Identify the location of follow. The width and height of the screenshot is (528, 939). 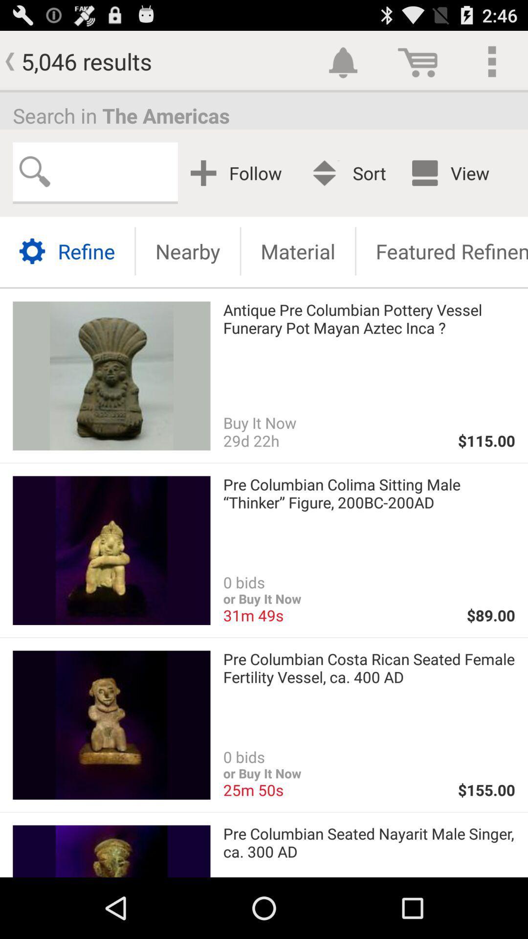
(240, 173).